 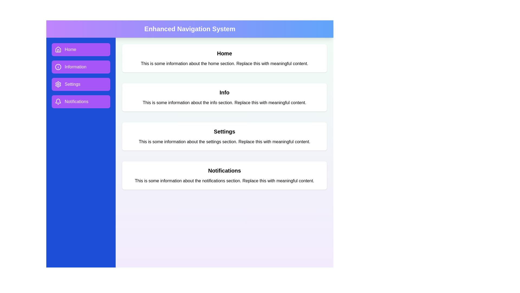 I want to click on the bell icon component within the 'Notifications' navigation button on the left-hand panel, so click(x=58, y=101).